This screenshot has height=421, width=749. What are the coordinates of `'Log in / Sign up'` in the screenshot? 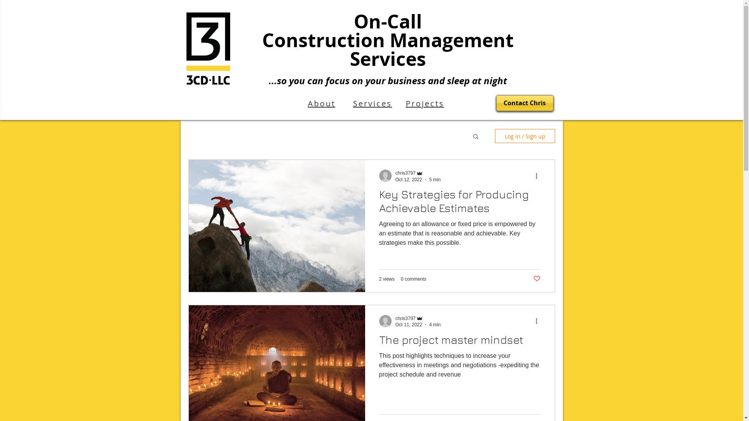 It's located at (524, 135).